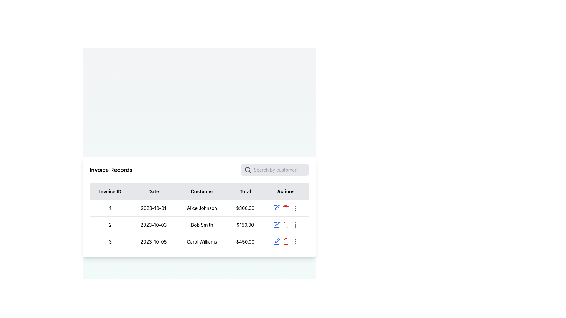 The height and width of the screenshot is (318, 566). I want to click on the text label indicating the unique identifier for the third invoice entry in the 'Invoice Records' table, located in the first column of the third row, so click(110, 241).